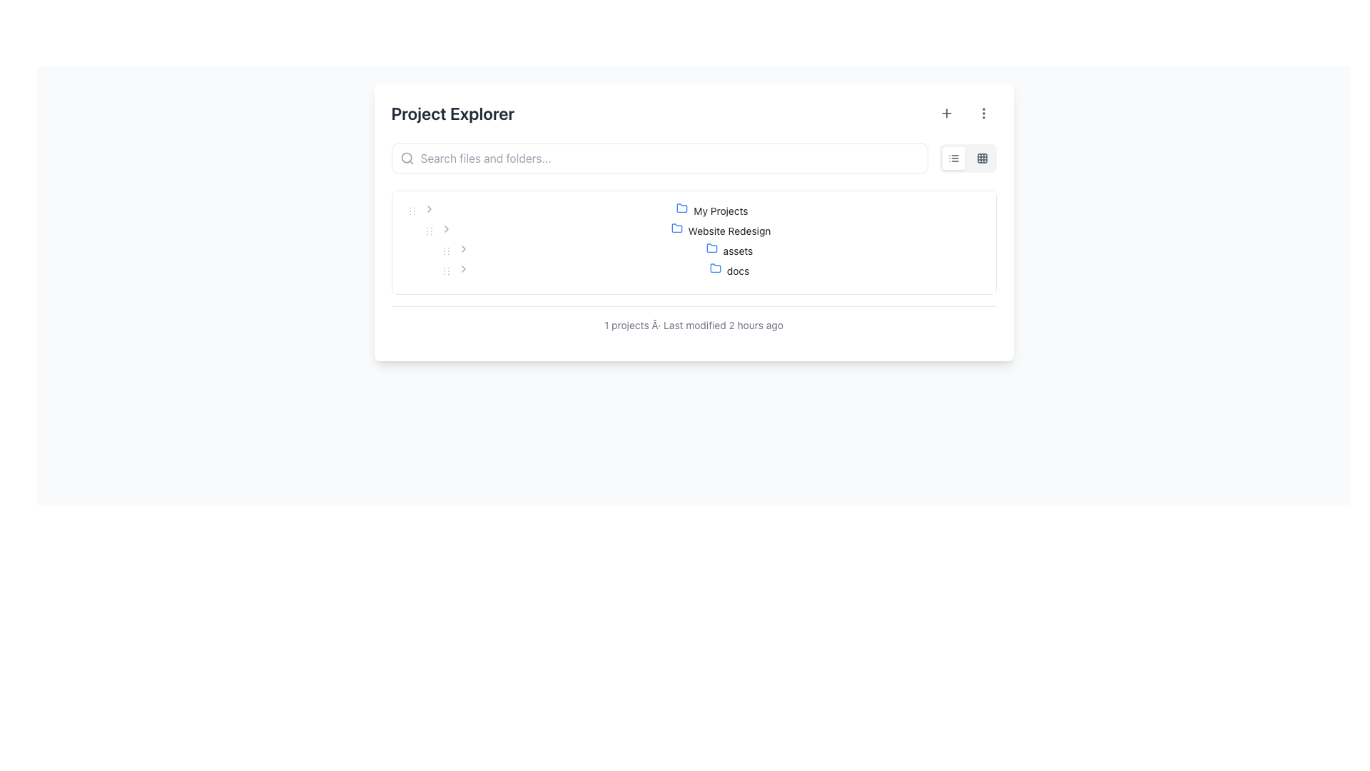  I want to click on the 'assets' folder node, so click(729, 250).